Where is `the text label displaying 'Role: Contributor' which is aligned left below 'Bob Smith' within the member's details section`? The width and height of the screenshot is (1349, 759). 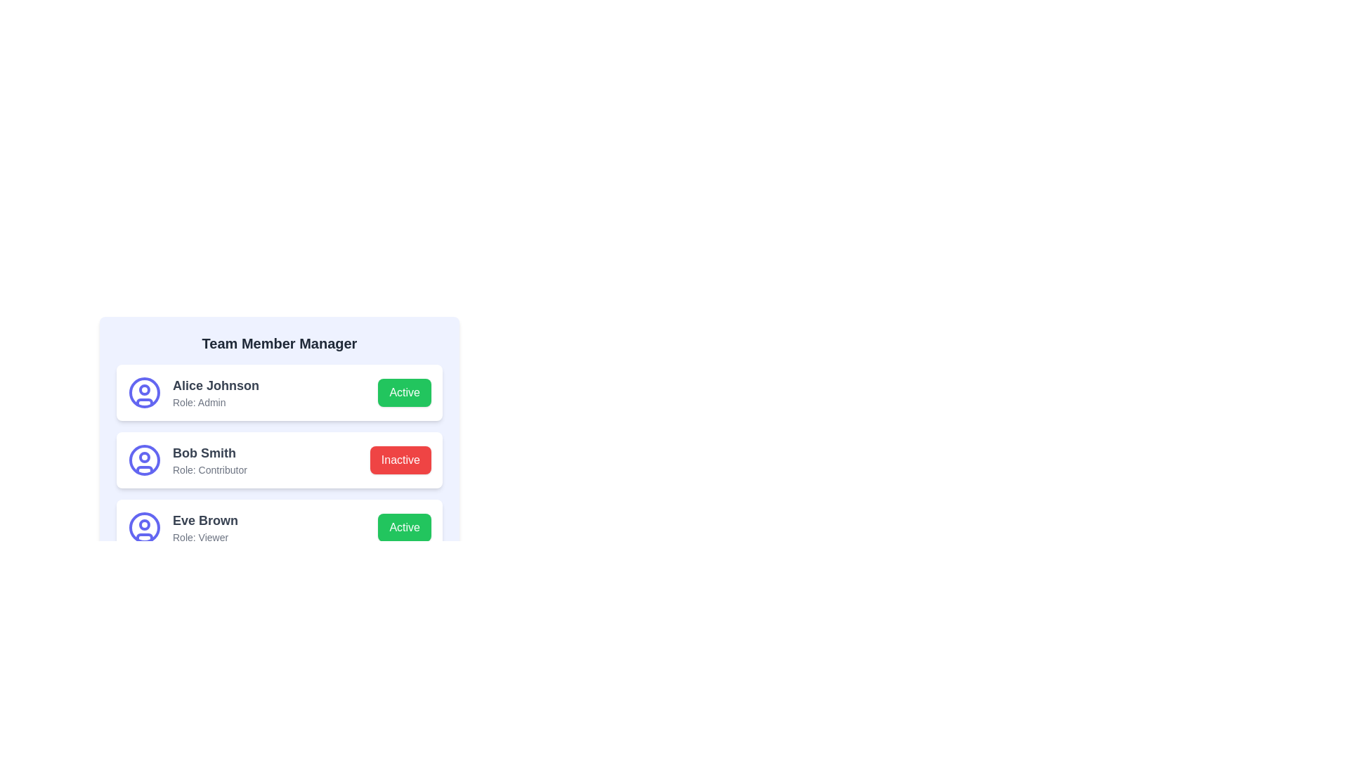
the text label displaying 'Role: Contributor' which is aligned left below 'Bob Smith' within the member's details section is located at coordinates (209, 469).